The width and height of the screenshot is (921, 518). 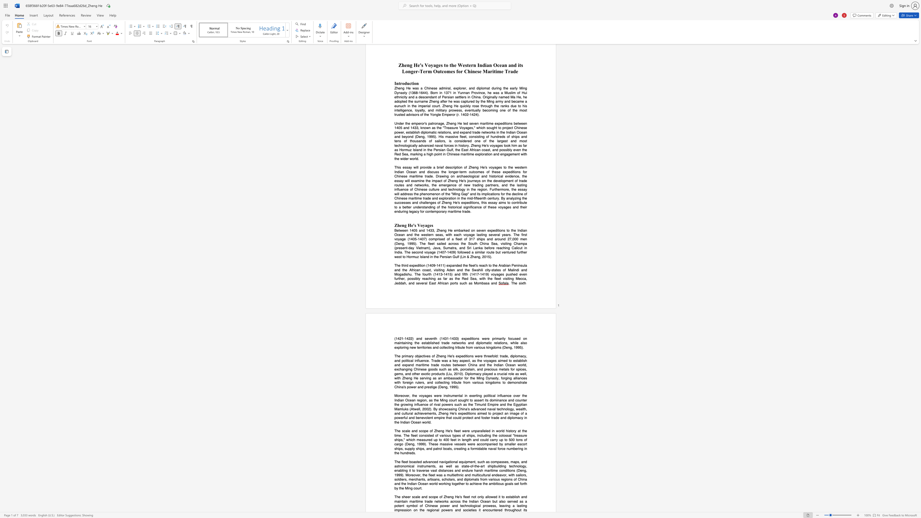 I want to click on the subset text "re" within the text "a lasting impression", so click(x=400, y=510).